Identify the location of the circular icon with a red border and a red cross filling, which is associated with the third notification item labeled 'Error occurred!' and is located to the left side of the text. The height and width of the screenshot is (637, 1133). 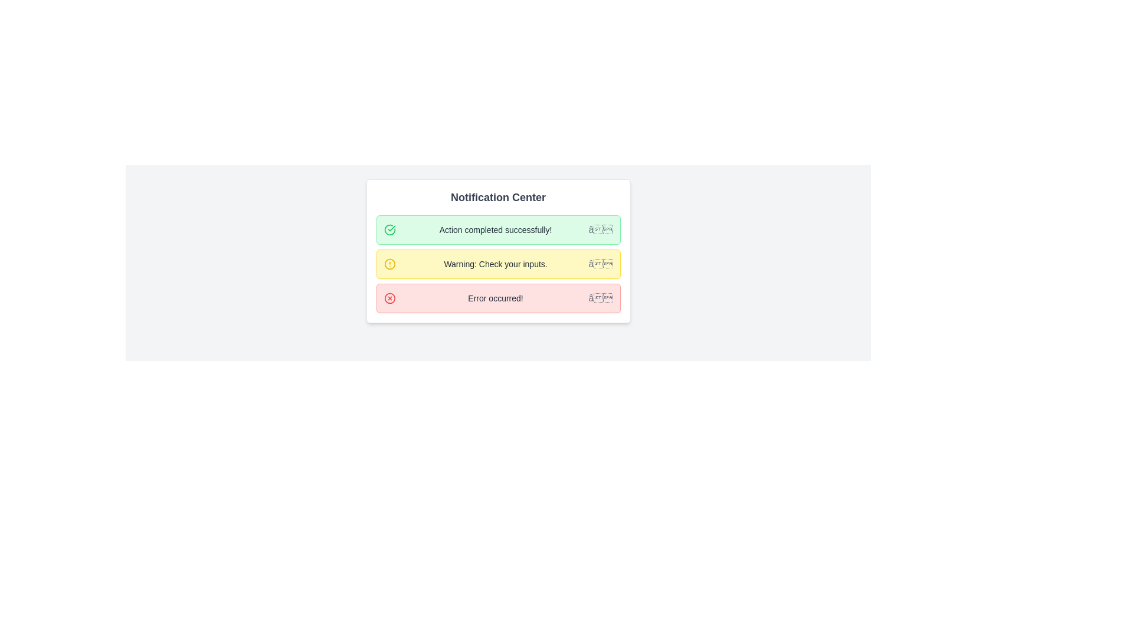
(389, 297).